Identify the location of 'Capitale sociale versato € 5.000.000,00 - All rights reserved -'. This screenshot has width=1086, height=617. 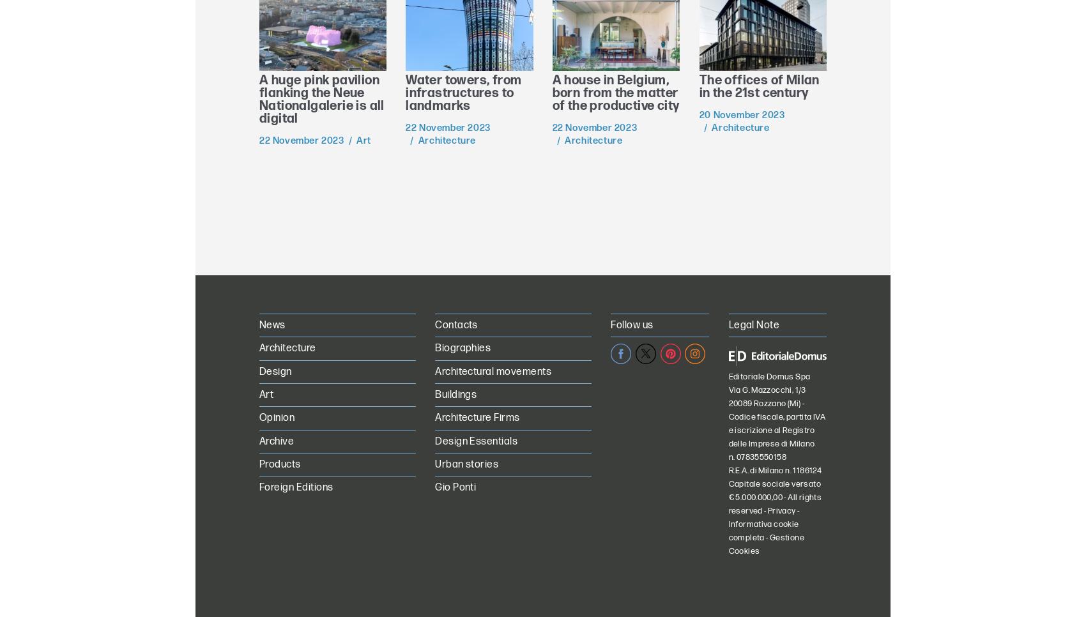
(774, 496).